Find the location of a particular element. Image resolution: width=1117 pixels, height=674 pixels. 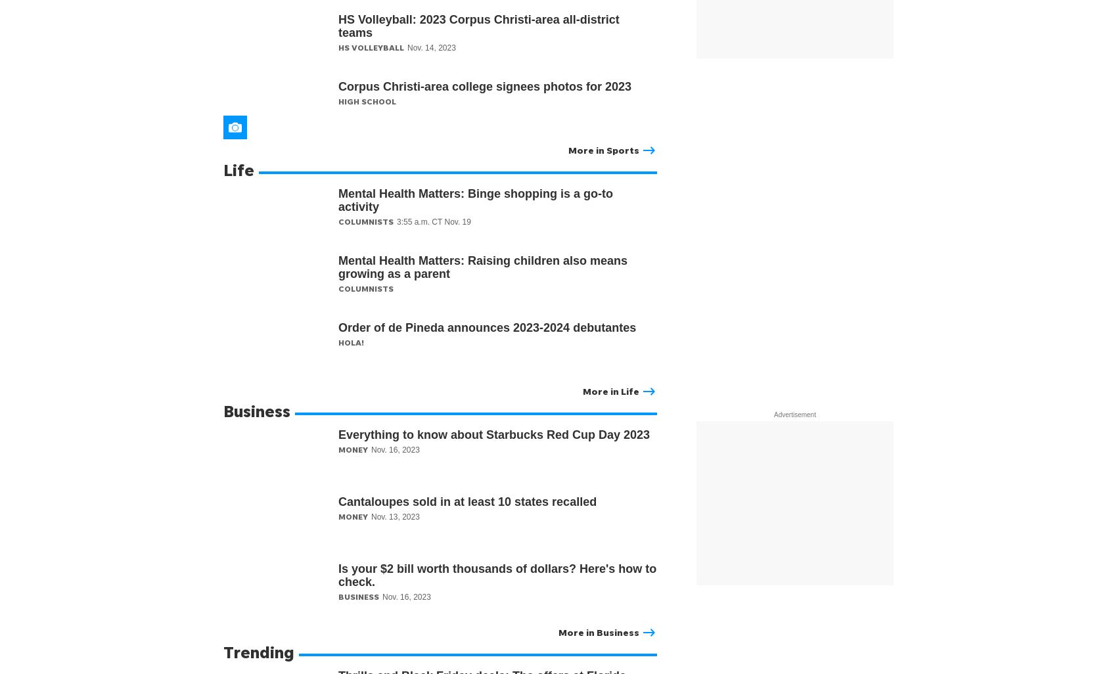

'Everything to know about Starbucks Red Cup Day 2023' is located at coordinates (495, 434).